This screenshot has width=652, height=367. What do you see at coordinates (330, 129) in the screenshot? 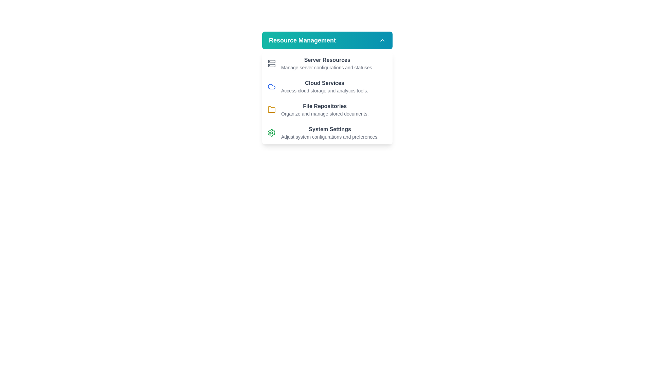
I see `the 'System Settings' label, which is the fourth item in the 'Resource Management' section` at bounding box center [330, 129].